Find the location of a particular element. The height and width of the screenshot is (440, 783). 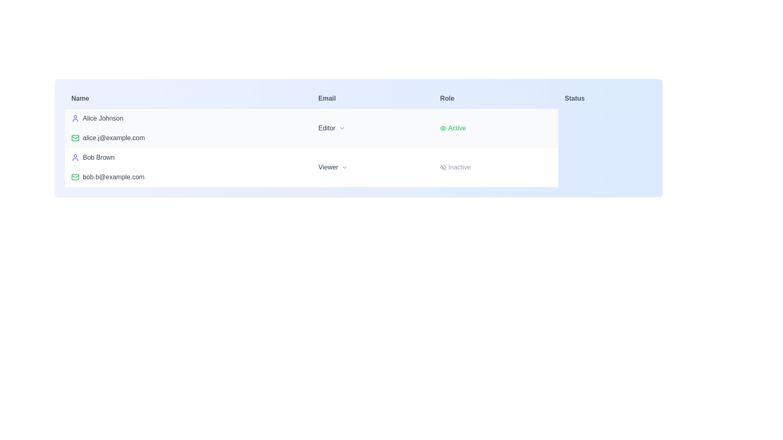

the second row under the 'Email' column in the table that contains information about Bob Brown's email address is located at coordinates (188, 177).